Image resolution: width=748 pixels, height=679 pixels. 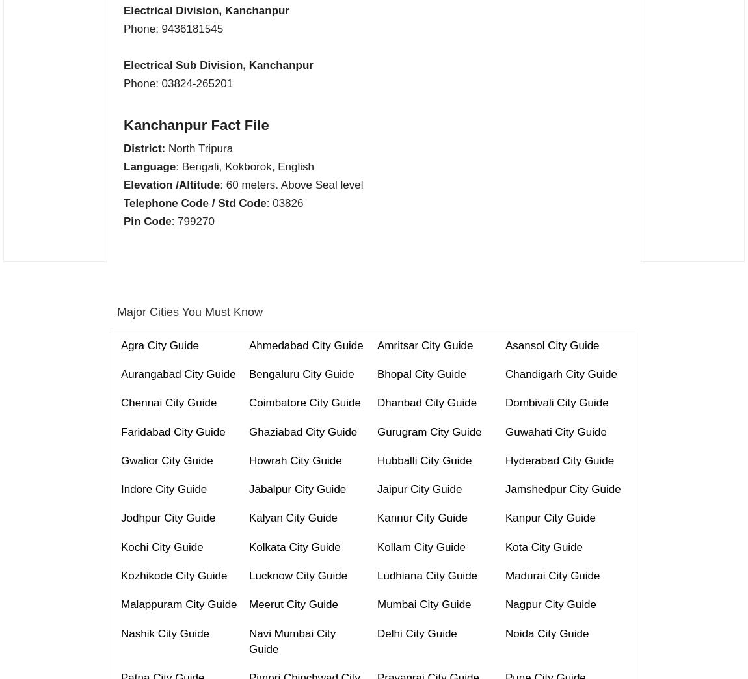 I want to click on 'Kanchanpur Fact File', so click(x=196, y=124).